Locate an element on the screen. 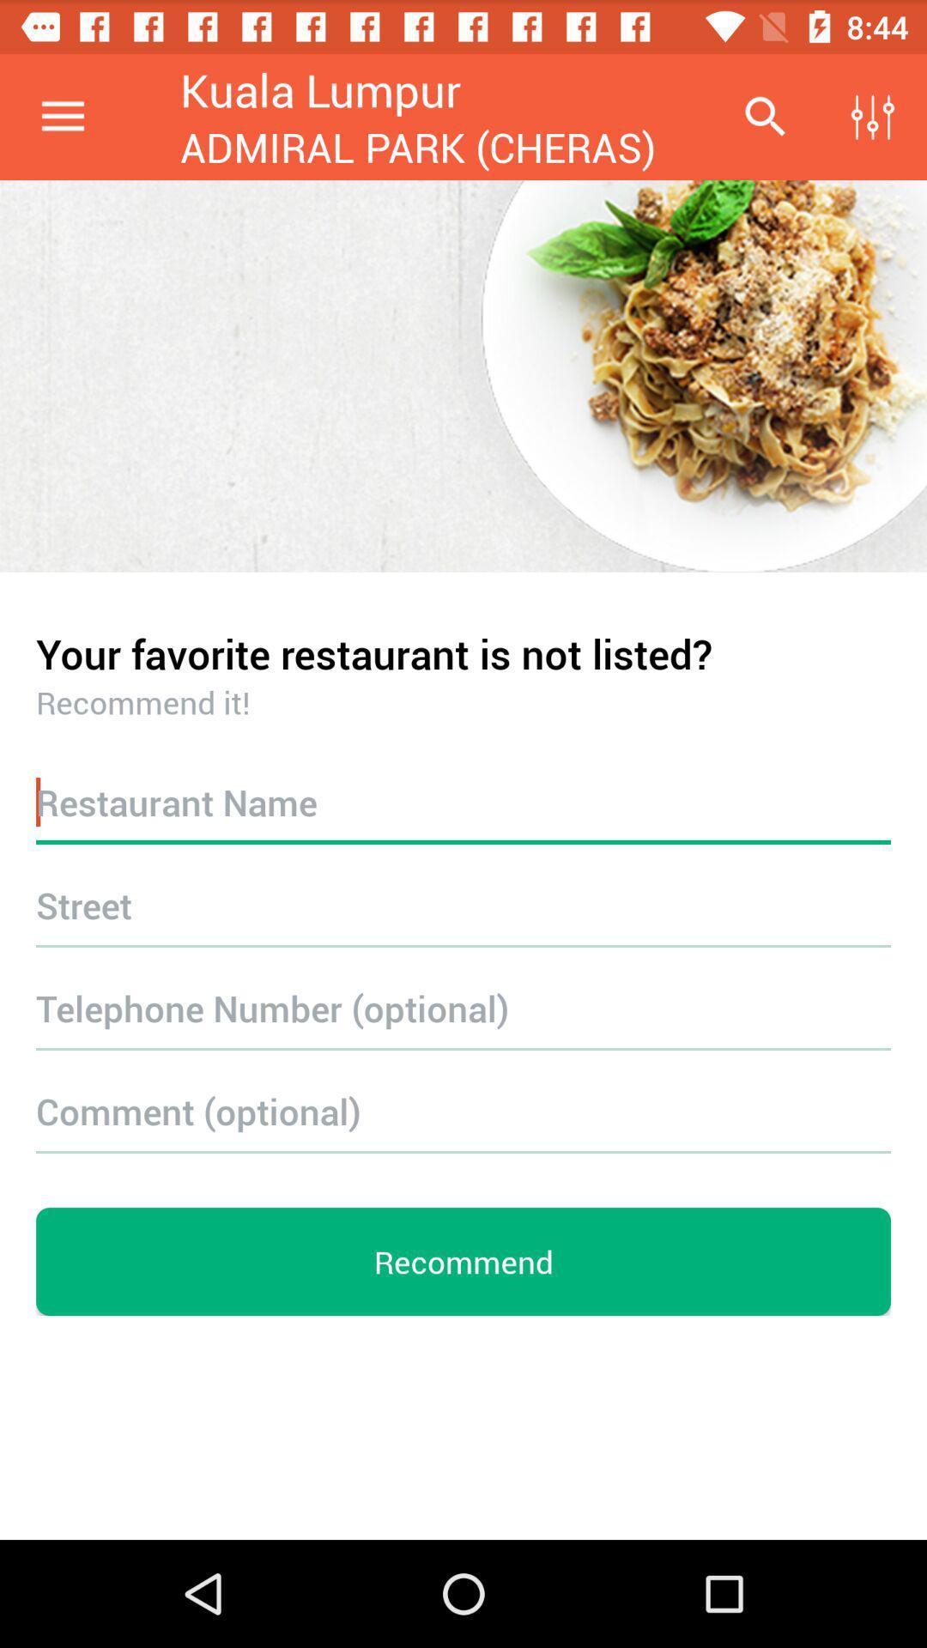 The height and width of the screenshot is (1648, 927). shows reataurant name area is located at coordinates (463, 801).